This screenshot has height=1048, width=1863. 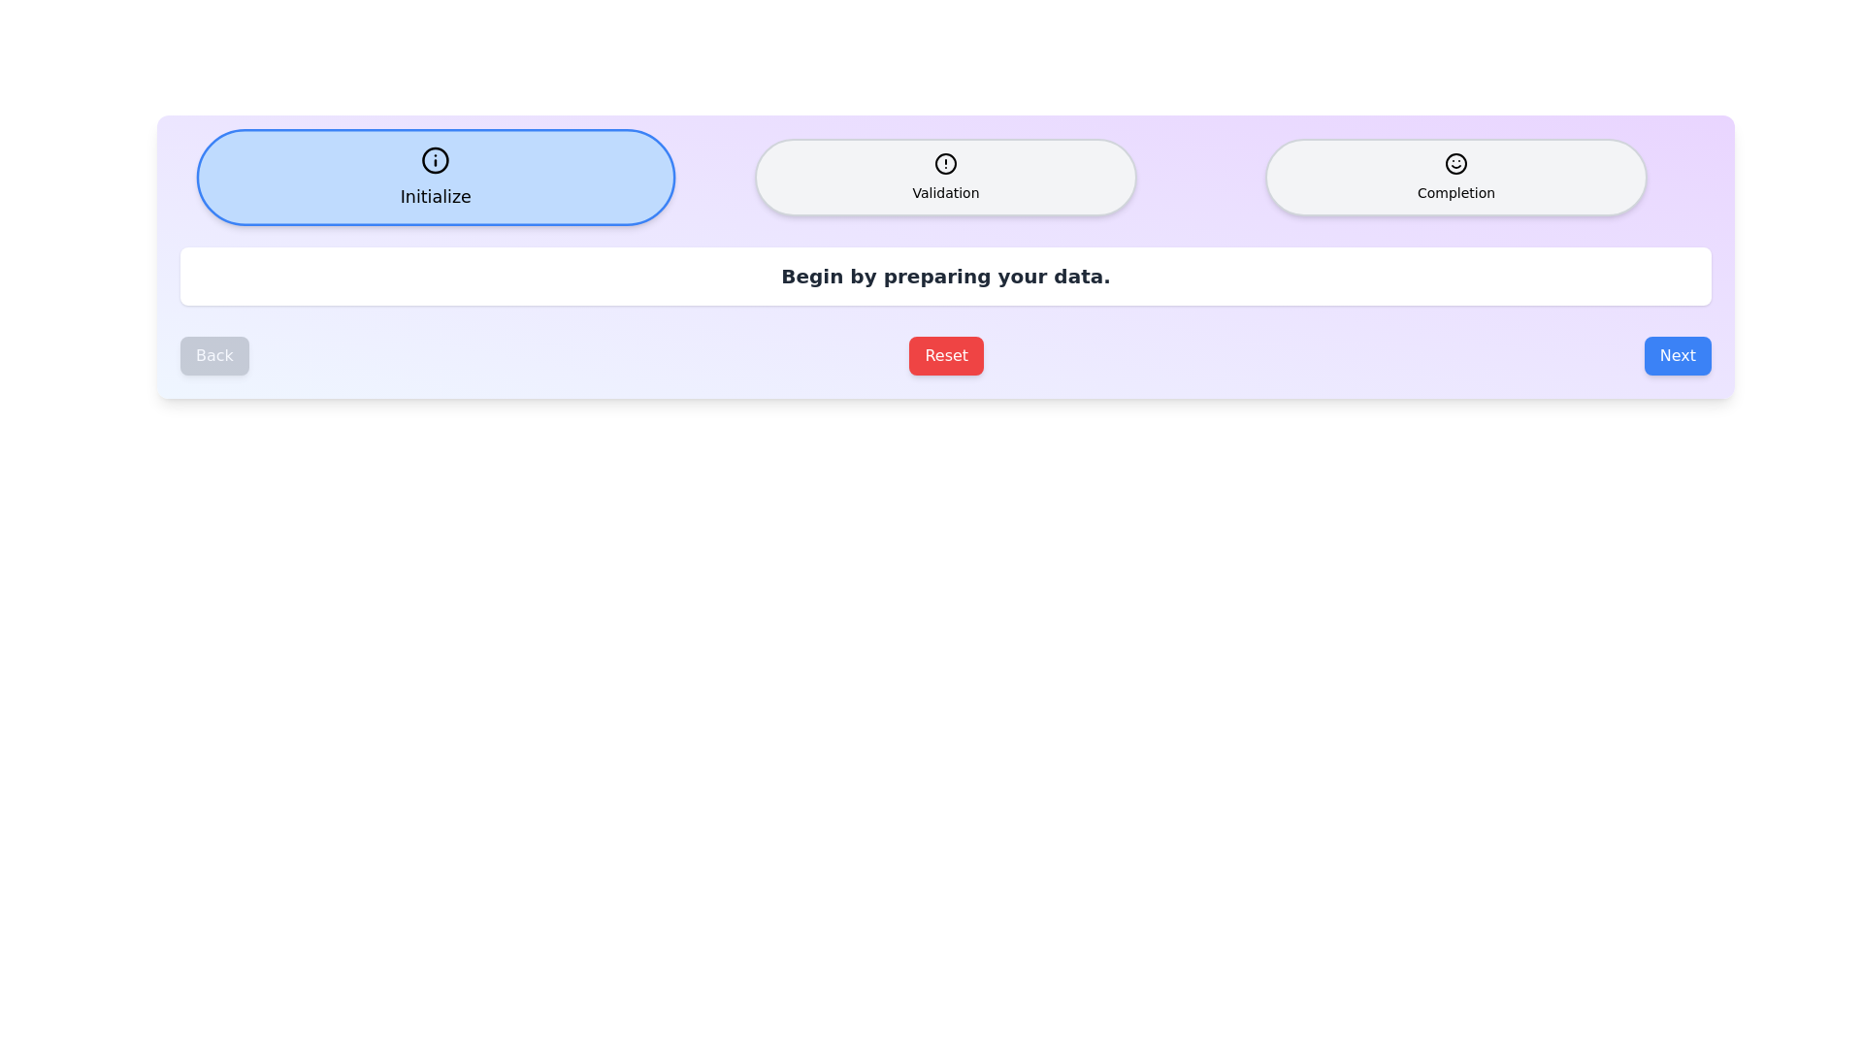 What do you see at coordinates (945, 177) in the screenshot?
I see `the step icon for Validation to display its information` at bounding box center [945, 177].